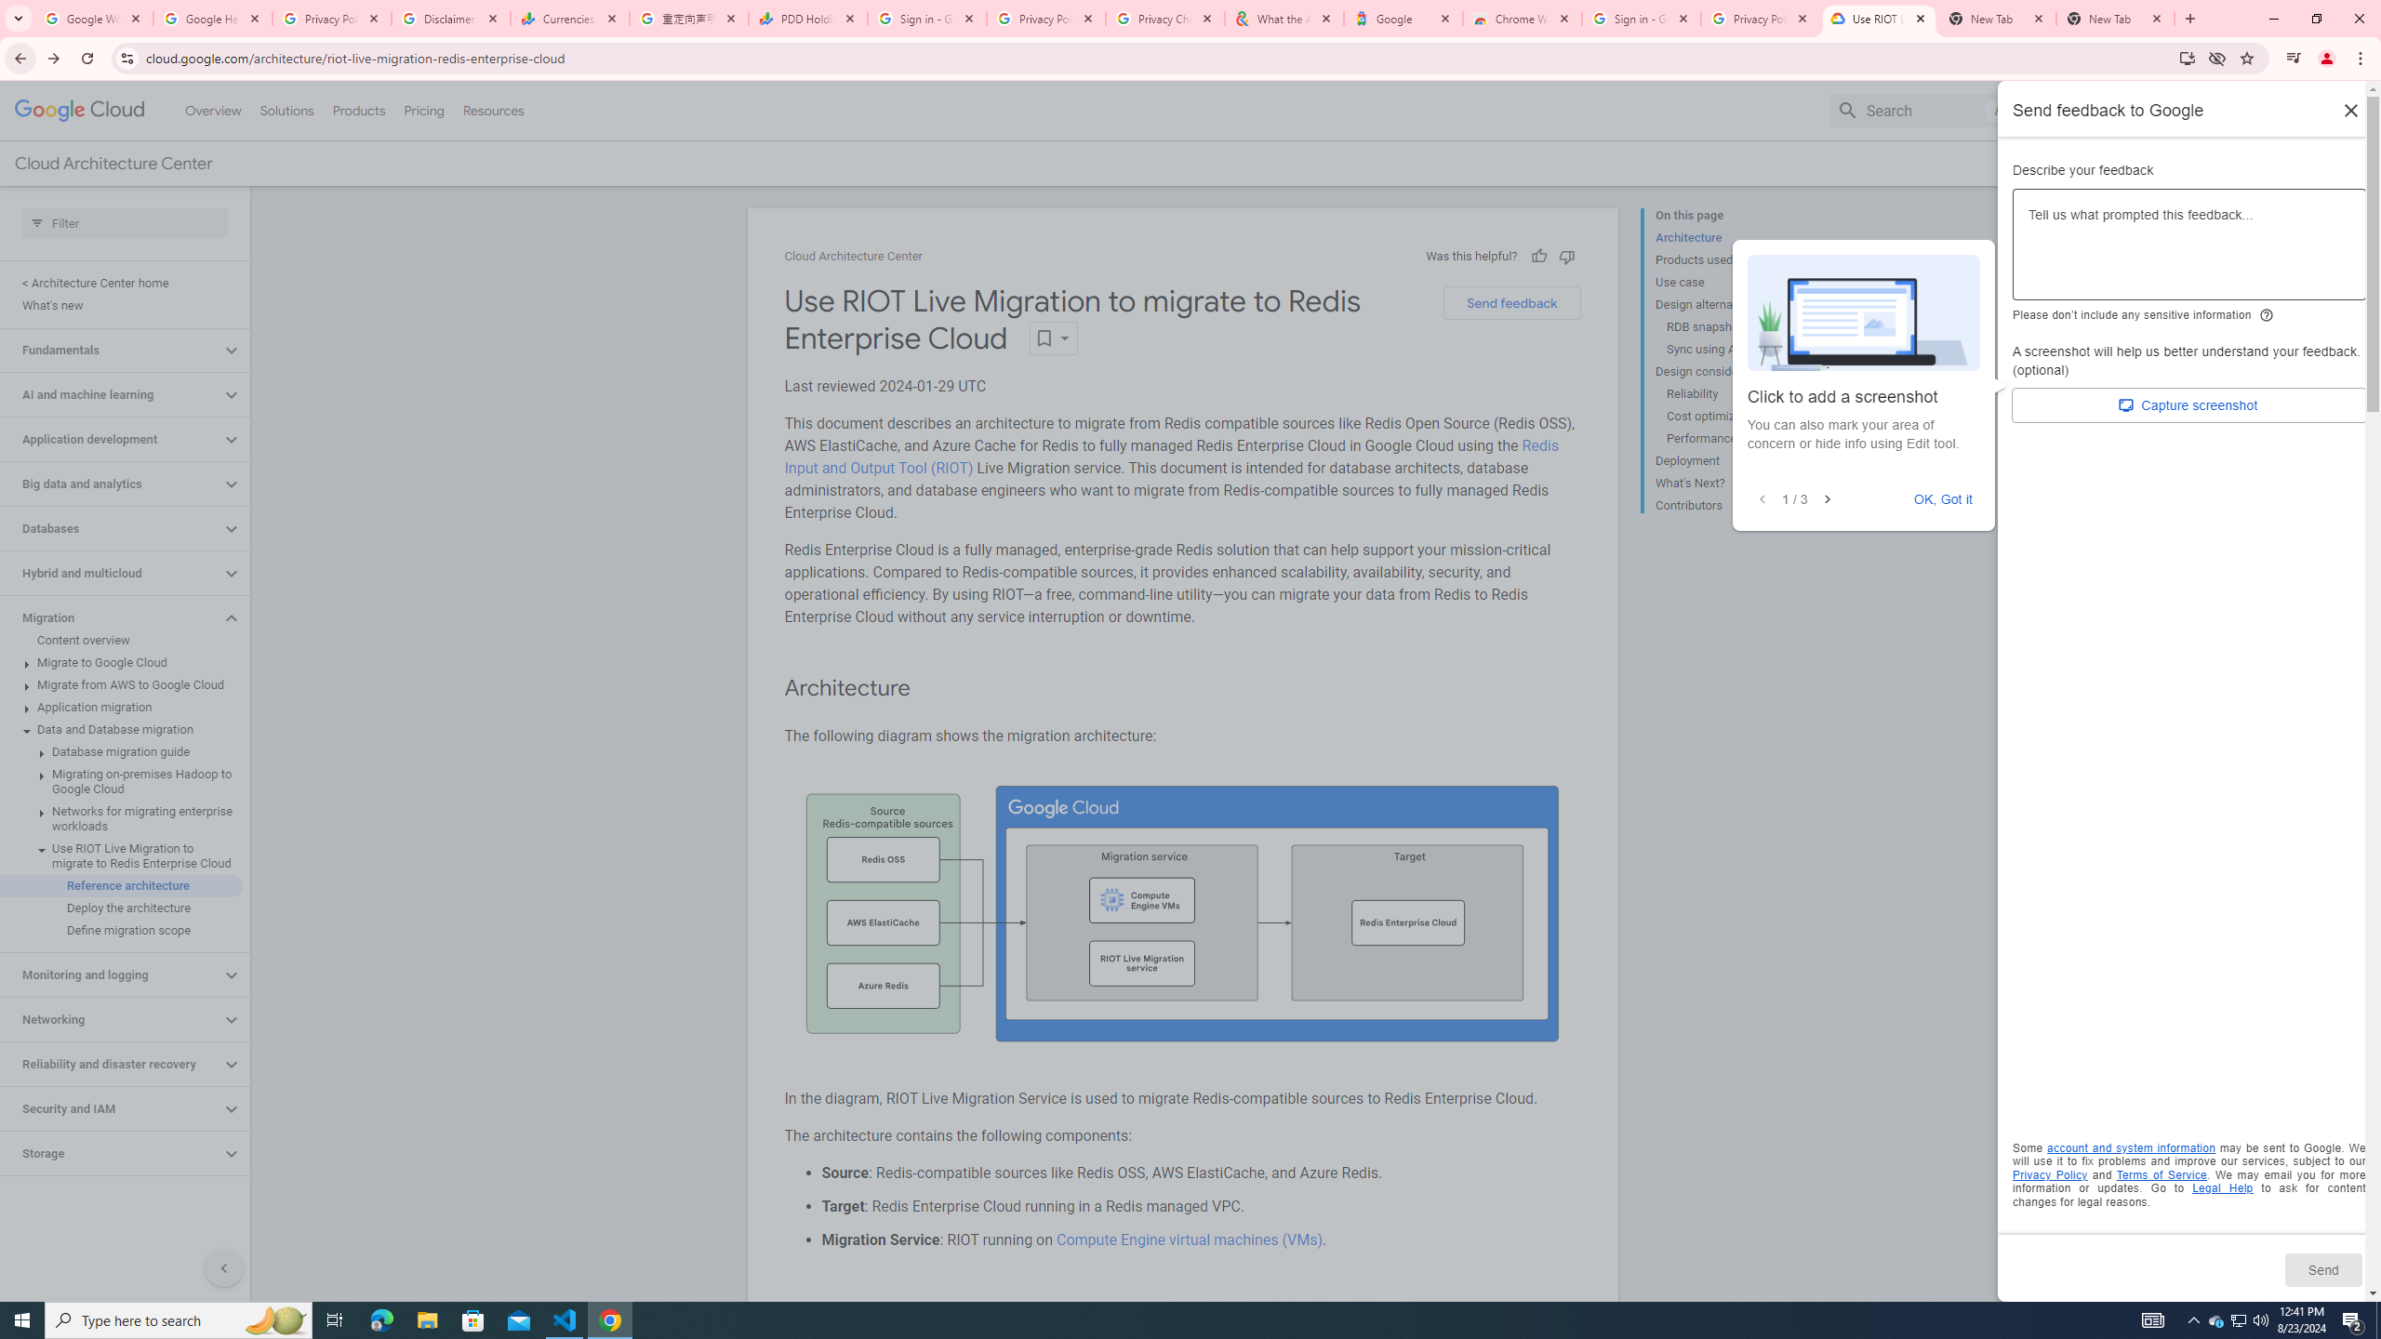 The image size is (2381, 1339). Describe the element at coordinates (121, 306) in the screenshot. I see `'What'` at that location.